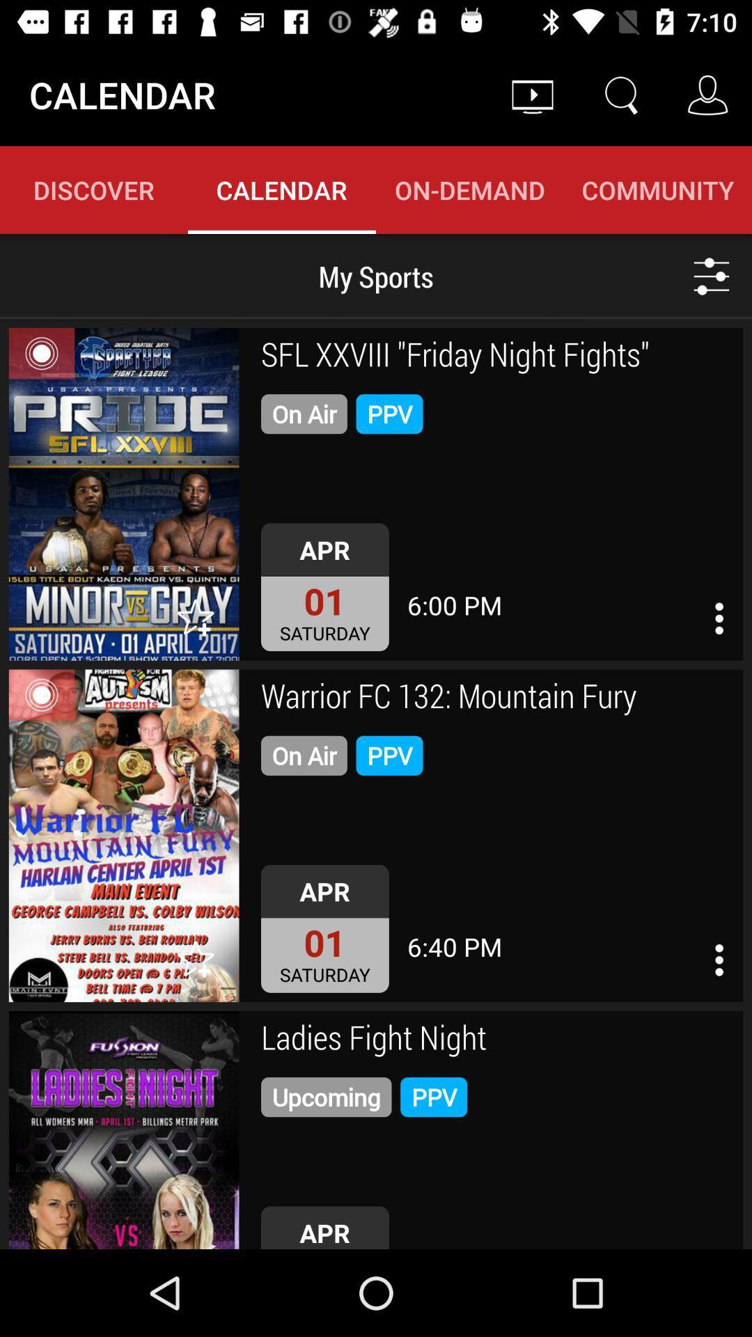 The height and width of the screenshot is (1337, 752). I want to click on show, so click(123, 836).